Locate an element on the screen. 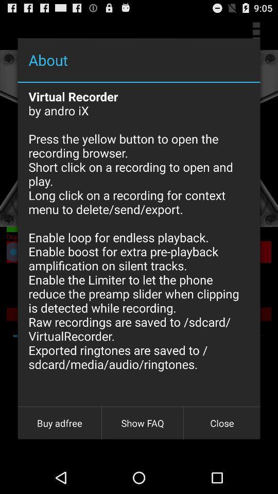 This screenshot has width=278, height=494. the icon to the right of the show faq icon is located at coordinates (221, 423).